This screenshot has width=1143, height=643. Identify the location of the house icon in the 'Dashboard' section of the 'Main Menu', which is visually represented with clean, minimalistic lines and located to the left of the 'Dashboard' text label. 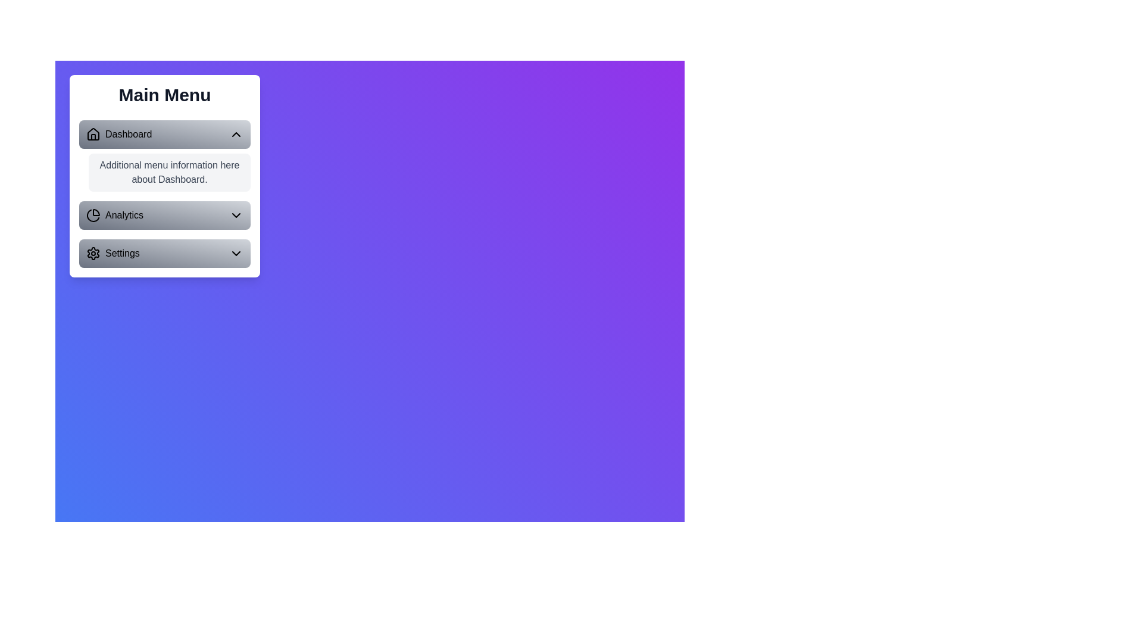
(93, 133).